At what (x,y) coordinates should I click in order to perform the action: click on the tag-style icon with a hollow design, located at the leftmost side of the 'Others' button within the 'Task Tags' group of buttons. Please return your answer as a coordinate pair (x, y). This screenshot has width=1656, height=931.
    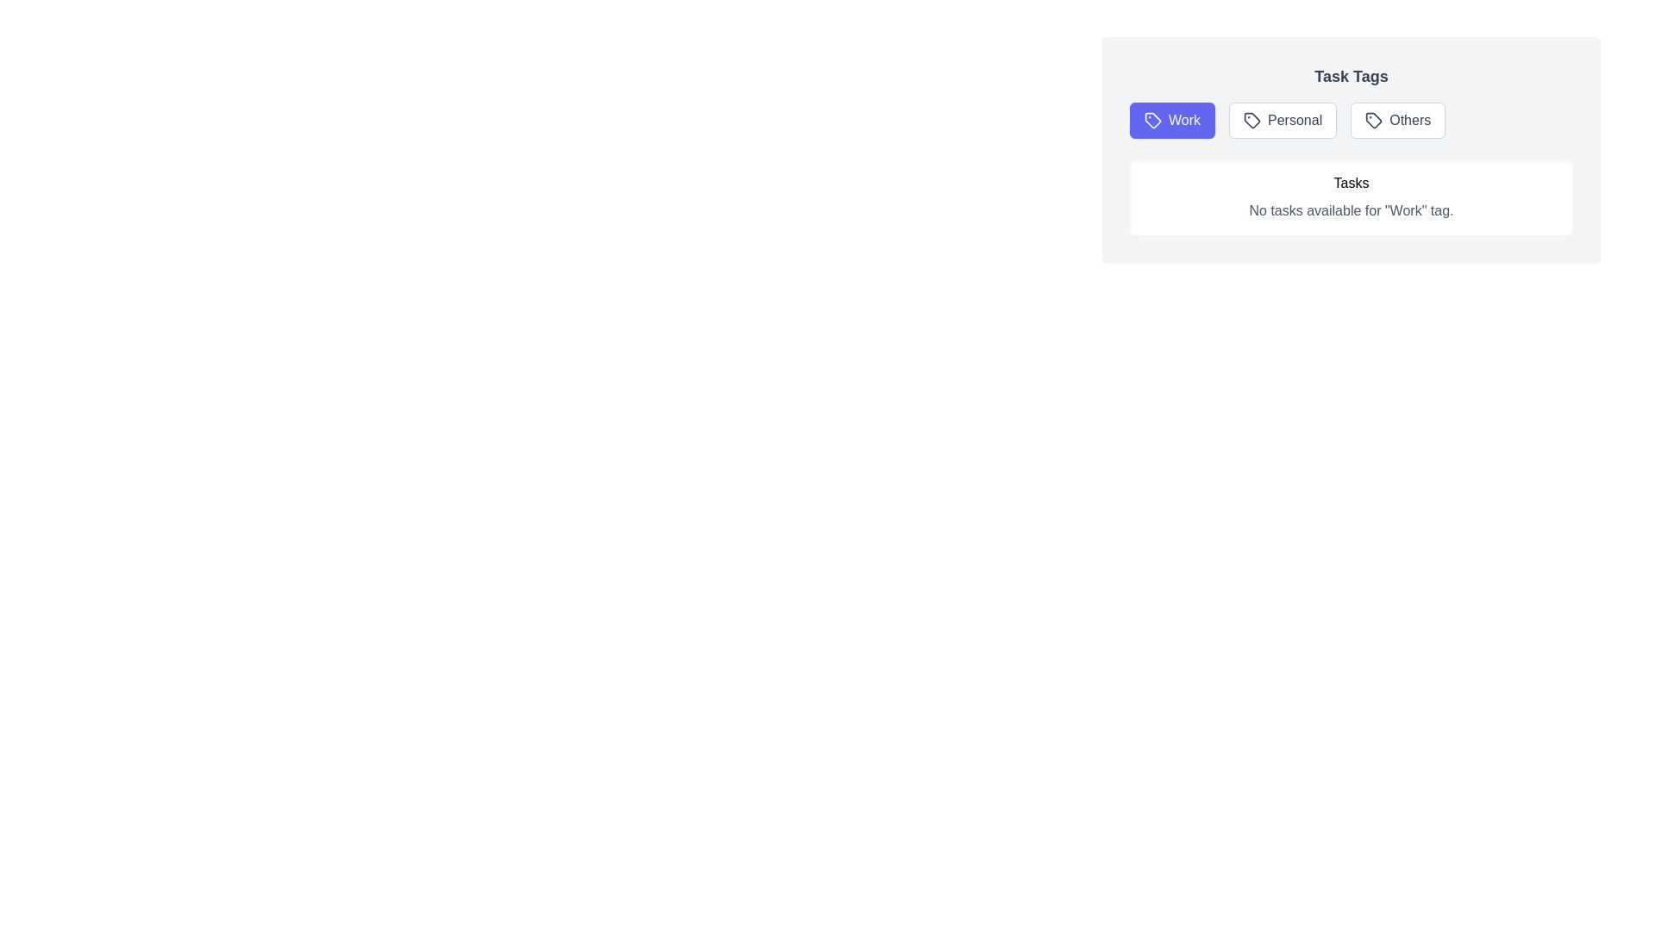
    Looking at the image, I should click on (1373, 119).